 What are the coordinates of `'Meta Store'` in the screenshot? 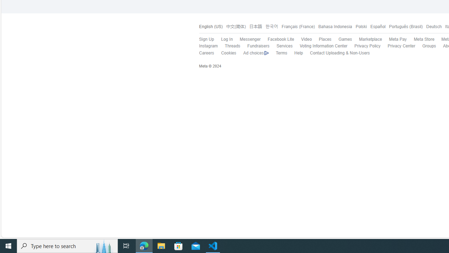 It's located at (420, 40).